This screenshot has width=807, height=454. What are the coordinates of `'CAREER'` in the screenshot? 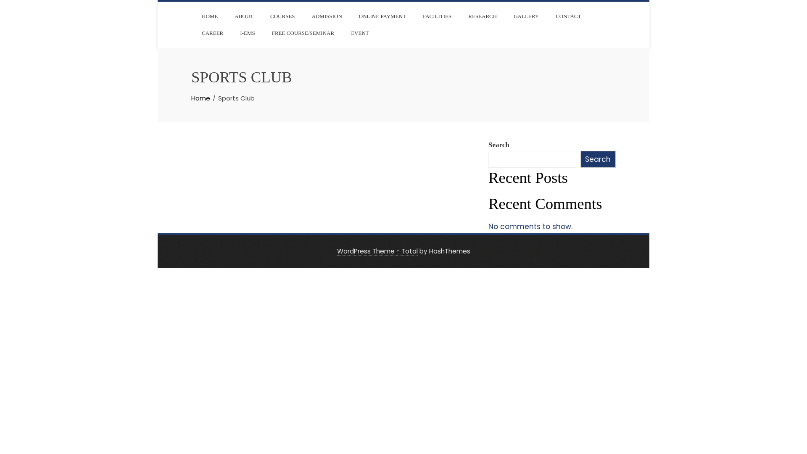 It's located at (212, 32).